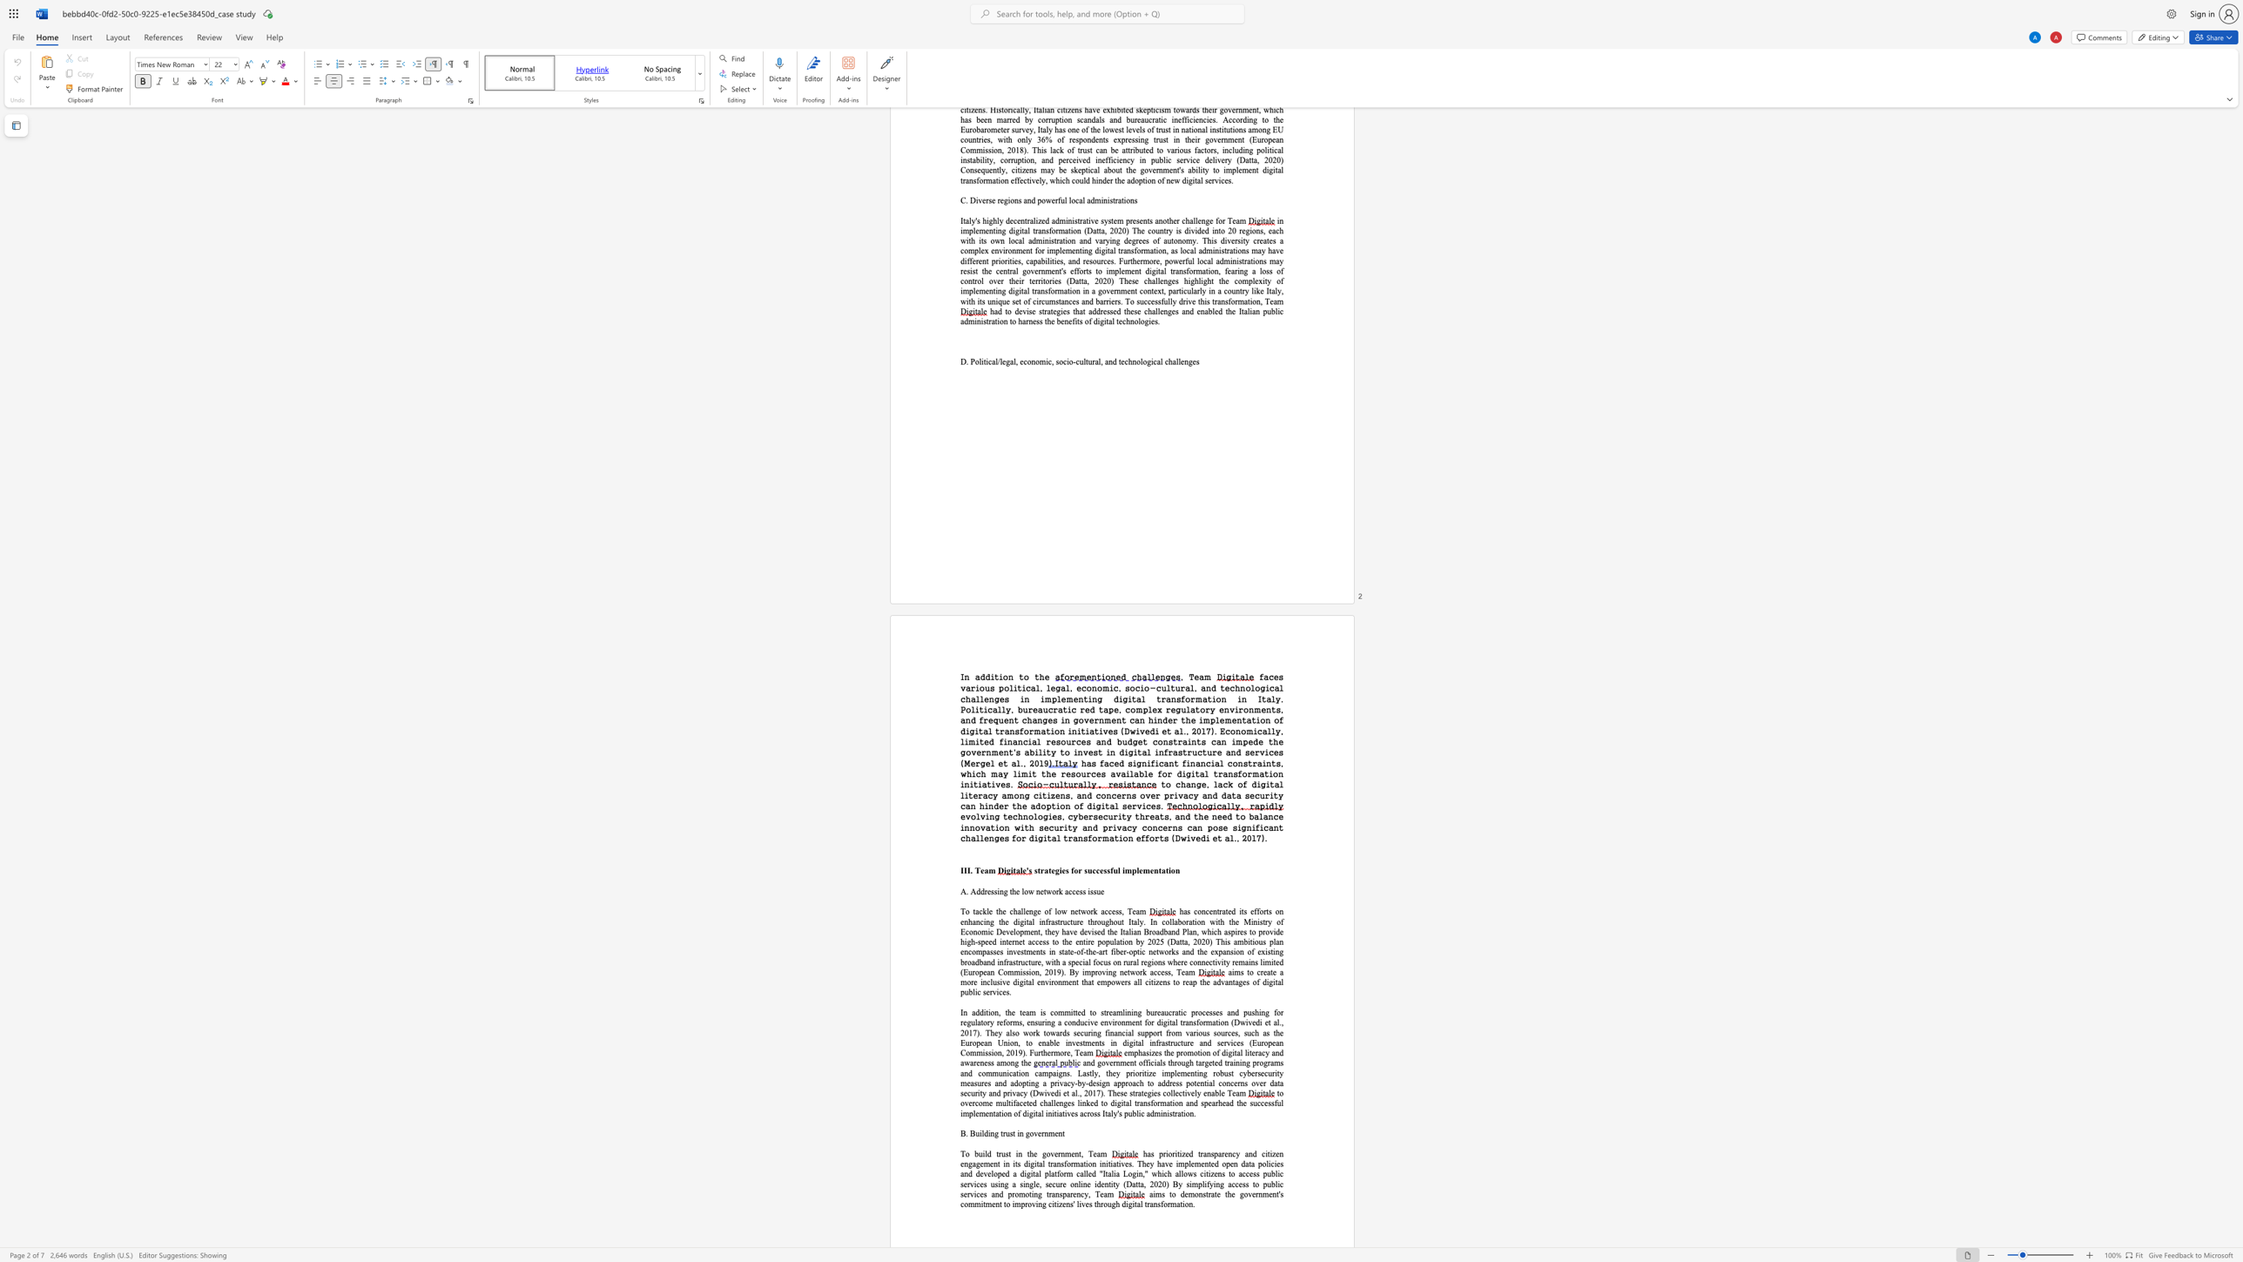  What do you see at coordinates (1279, 709) in the screenshot?
I see `the subset text ", and frequent changes in government can hinder the implementation of digital transformation initiatives (Dwivedi et al., 2017). Economically, limited financial resources and b" within the text "faces various political, legal, economic, socio-cultural, and technological challenges in implementing digital transformation in Italy. Politically, bureaucratic red tape, complex regulatory environments, and frequent changes in government can hinder the implementation of digital transformation initiatives (Dwivedi et al., 2017). Economically, limited financial resources and budget constraints can impede the government"` at bounding box center [1279, 709].